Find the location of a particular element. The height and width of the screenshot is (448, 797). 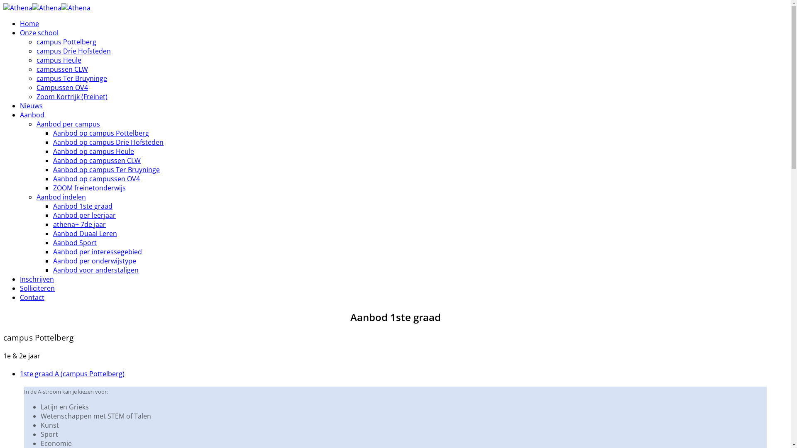

'ZOOM freinetonderwijs' is located at coordinates (89, 187).